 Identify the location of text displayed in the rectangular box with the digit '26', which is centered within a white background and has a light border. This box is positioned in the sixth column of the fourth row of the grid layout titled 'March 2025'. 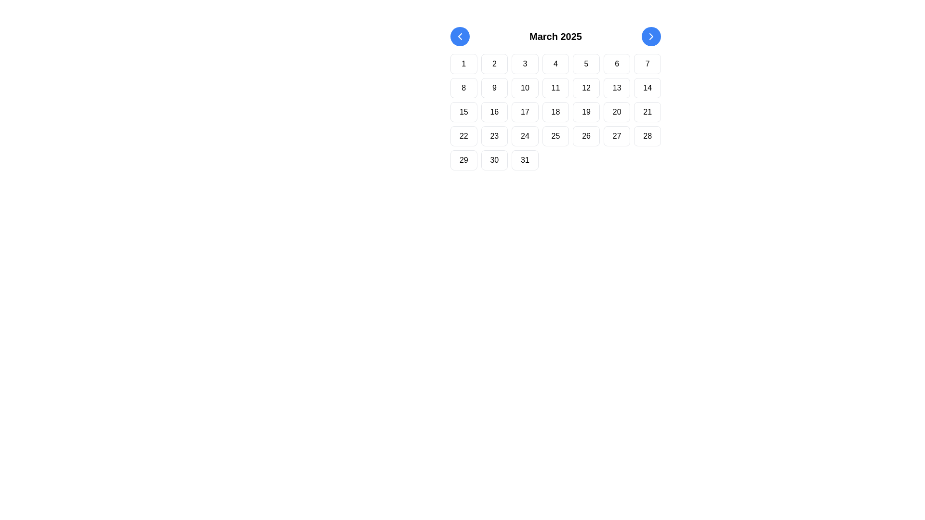
(586, 136).